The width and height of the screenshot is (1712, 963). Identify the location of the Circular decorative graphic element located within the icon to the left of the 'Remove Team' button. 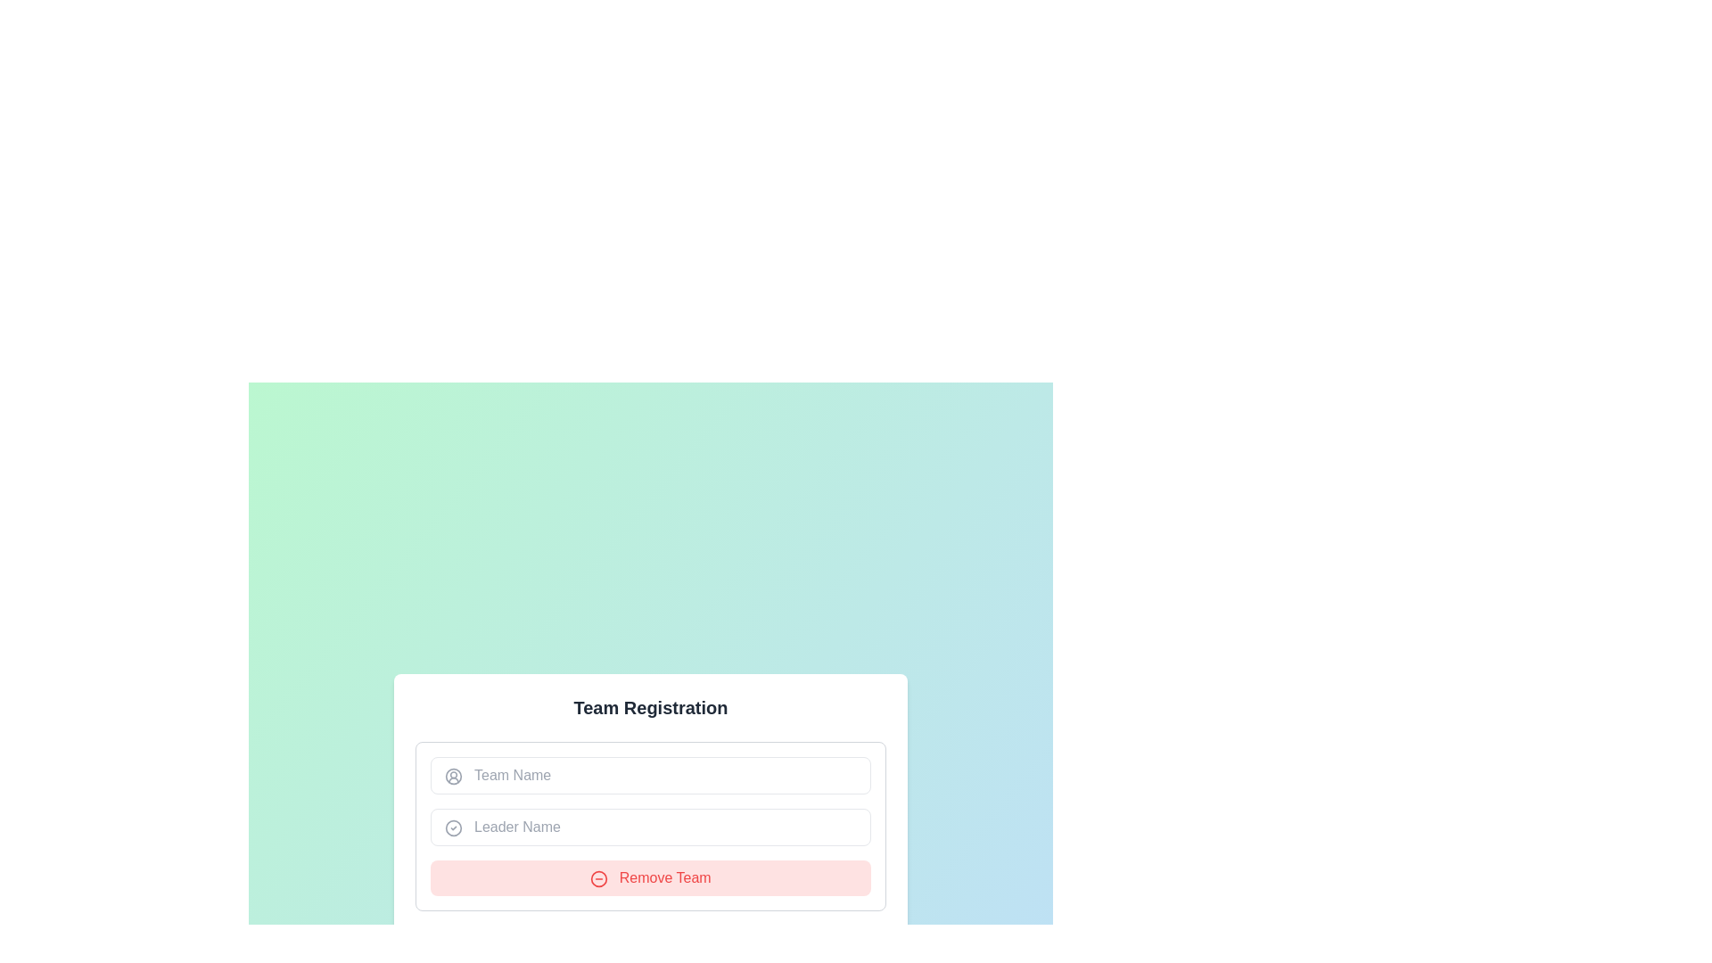
(599, 877).